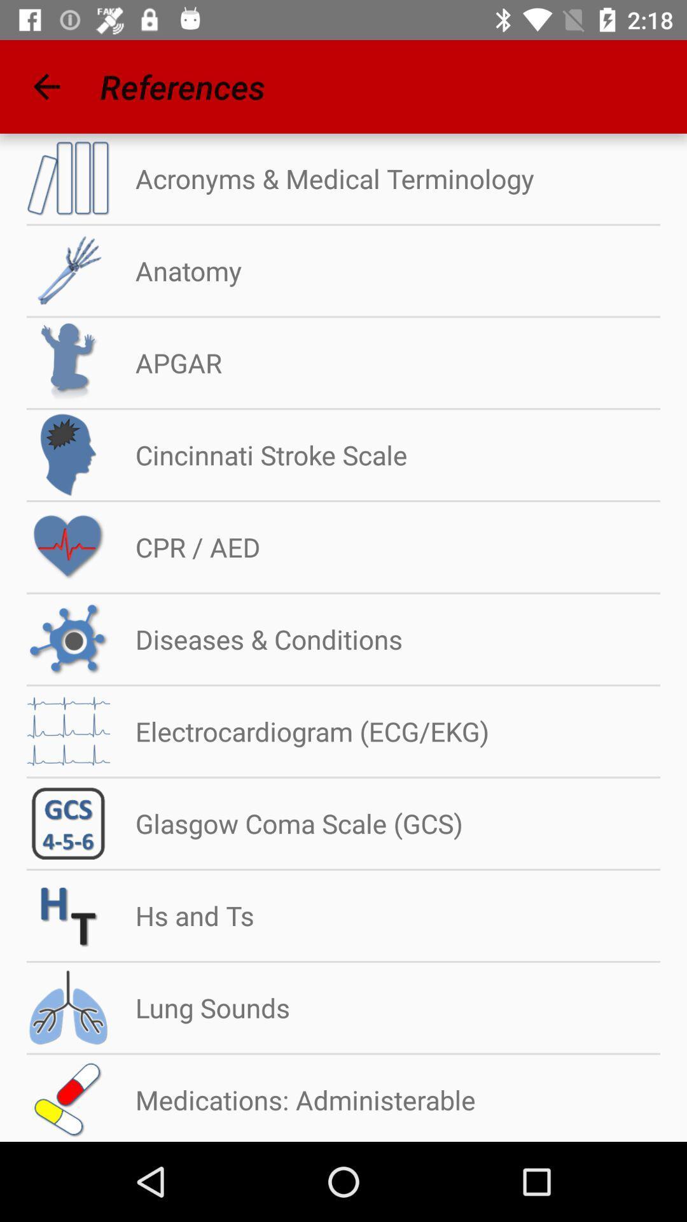 The height and width of the screenshot is (1222, 687). I want to click on cincinnati stroke scale, so click(258, 455).